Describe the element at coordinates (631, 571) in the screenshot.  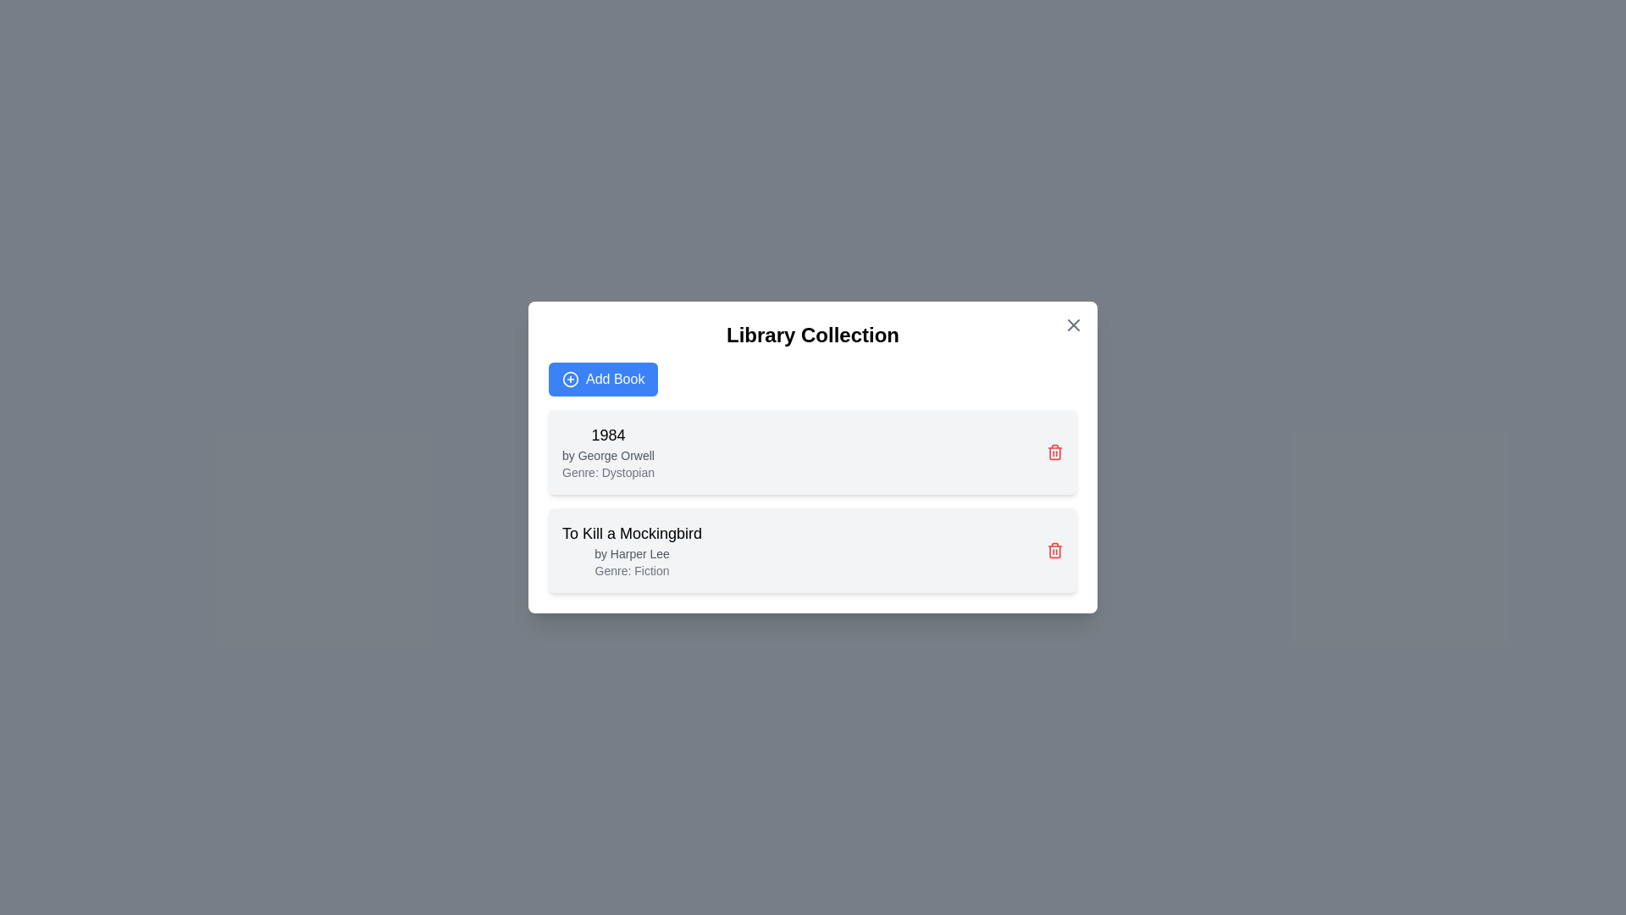
I see `the text label that reads 'Genre: Fiction', which is styled in a small, light gray font and located at the bottom of the book detail card in the modal interface` at that location.